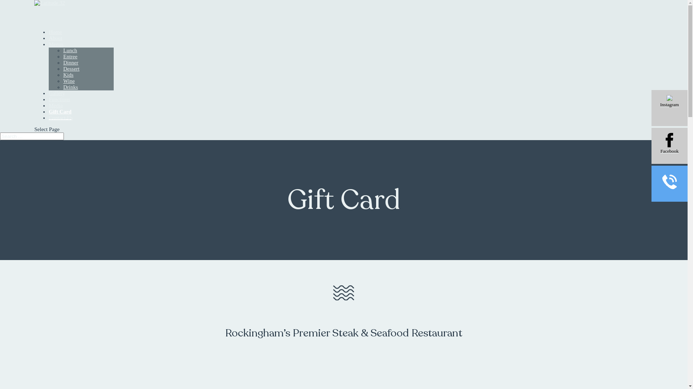 Image resolution: width=693 pixels, height=389 pixels. I want to click on 'Search for:', so click(31, 136).